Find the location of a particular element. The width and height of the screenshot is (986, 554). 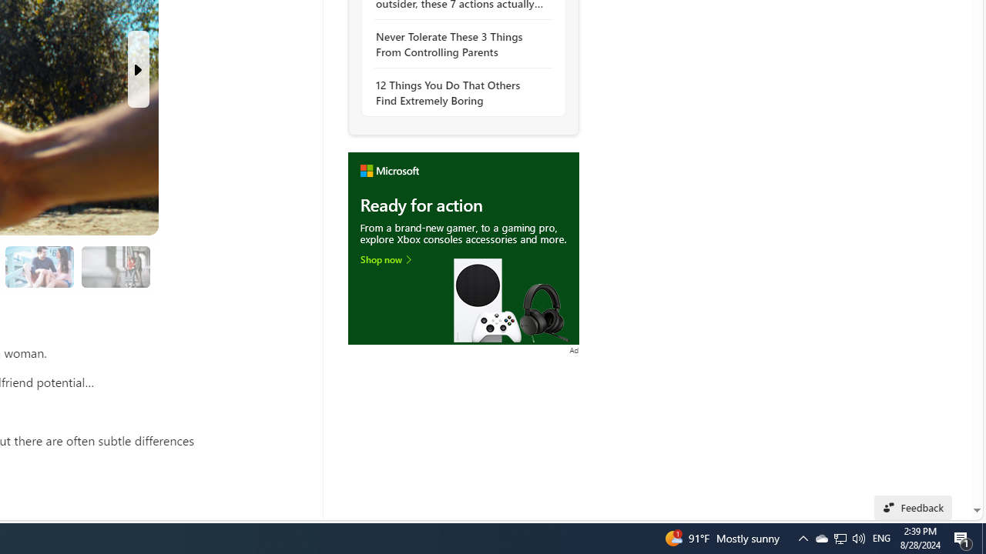

'To get missing image descriptions, open the context menu.' is located at coordinates (462, 247).